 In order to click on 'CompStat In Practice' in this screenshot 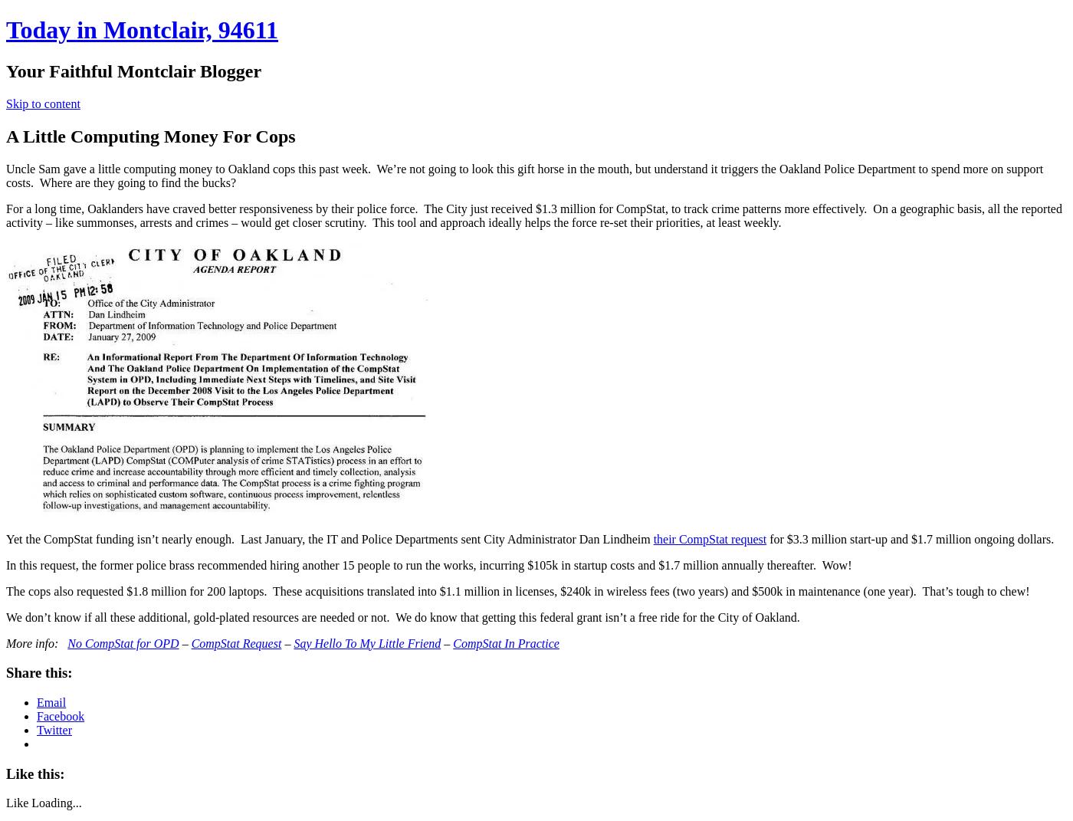, I will do `click(452, 642)`.